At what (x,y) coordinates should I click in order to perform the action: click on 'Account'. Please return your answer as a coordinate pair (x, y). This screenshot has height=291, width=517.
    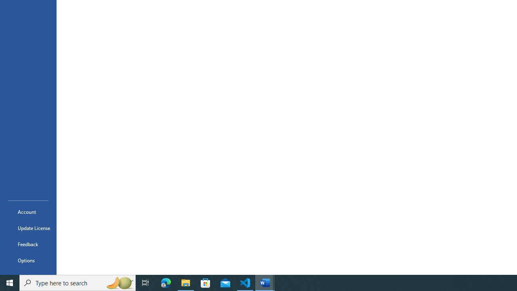
    Looking at the image, I should click on (28, 211).